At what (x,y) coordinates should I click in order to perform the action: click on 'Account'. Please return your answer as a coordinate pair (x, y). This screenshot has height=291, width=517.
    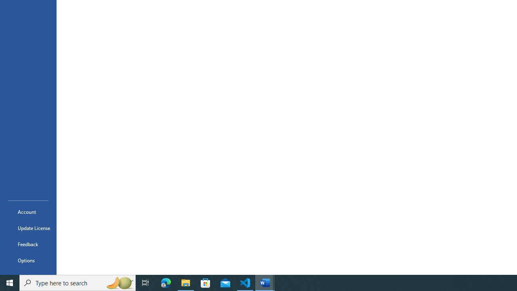
    Looking at the image, I should click on (28, 211).